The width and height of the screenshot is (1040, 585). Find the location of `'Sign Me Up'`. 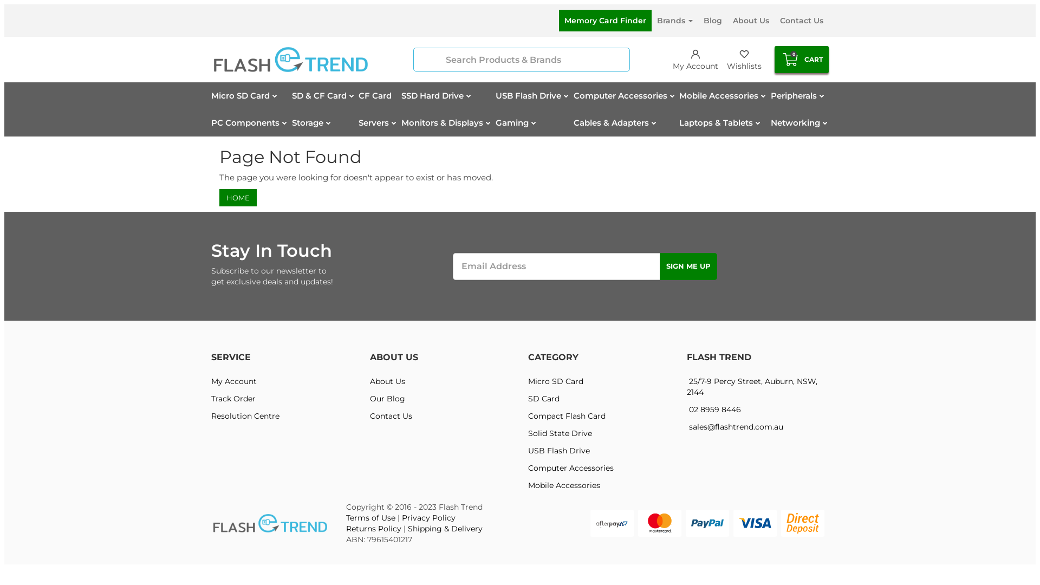

'Sign Me Up' is located at coordinates (659, 266).